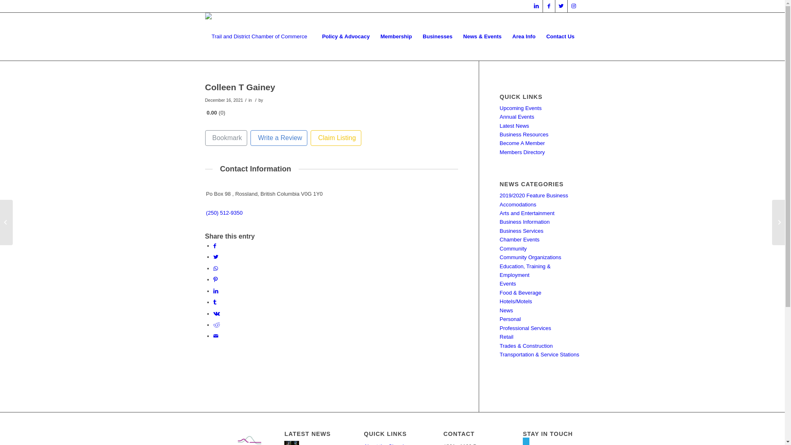 Image resolution: width=791 pixels, height=445 pixels. I want to click on 'Members Directory', so click(522, 152).